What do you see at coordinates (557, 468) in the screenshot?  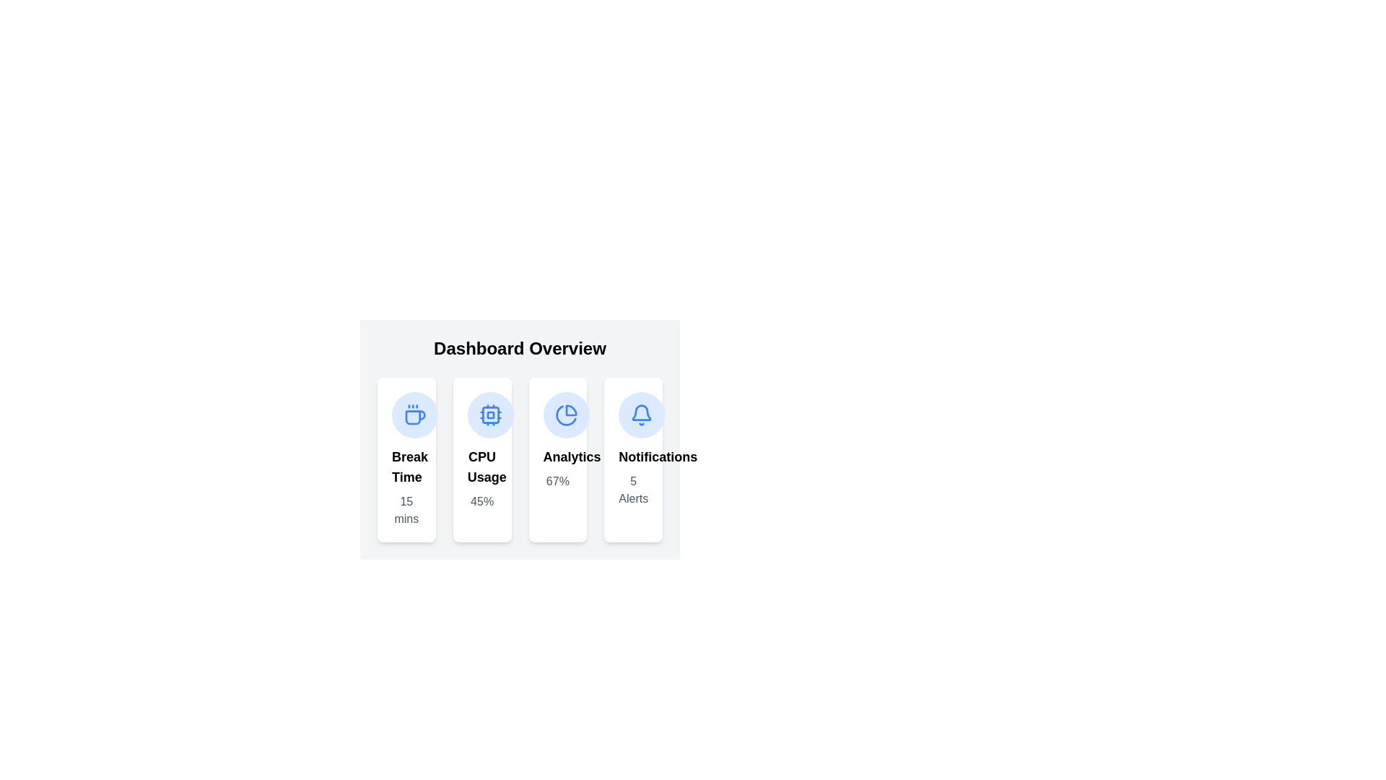 I see `the text label displaying 'Analytics' above '67%' within the third card from the left in a row of four cards` at bounding box center [557, 468].